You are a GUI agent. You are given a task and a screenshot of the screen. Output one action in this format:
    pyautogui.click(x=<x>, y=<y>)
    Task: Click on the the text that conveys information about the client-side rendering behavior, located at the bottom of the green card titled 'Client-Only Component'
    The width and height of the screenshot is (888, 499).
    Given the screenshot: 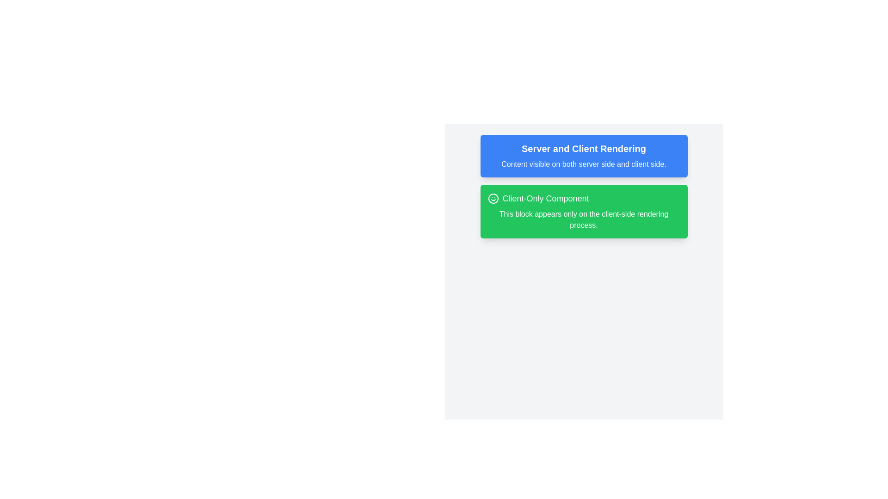 What is the action you would take?
    pyautogui.click(x=583, y=219)
    